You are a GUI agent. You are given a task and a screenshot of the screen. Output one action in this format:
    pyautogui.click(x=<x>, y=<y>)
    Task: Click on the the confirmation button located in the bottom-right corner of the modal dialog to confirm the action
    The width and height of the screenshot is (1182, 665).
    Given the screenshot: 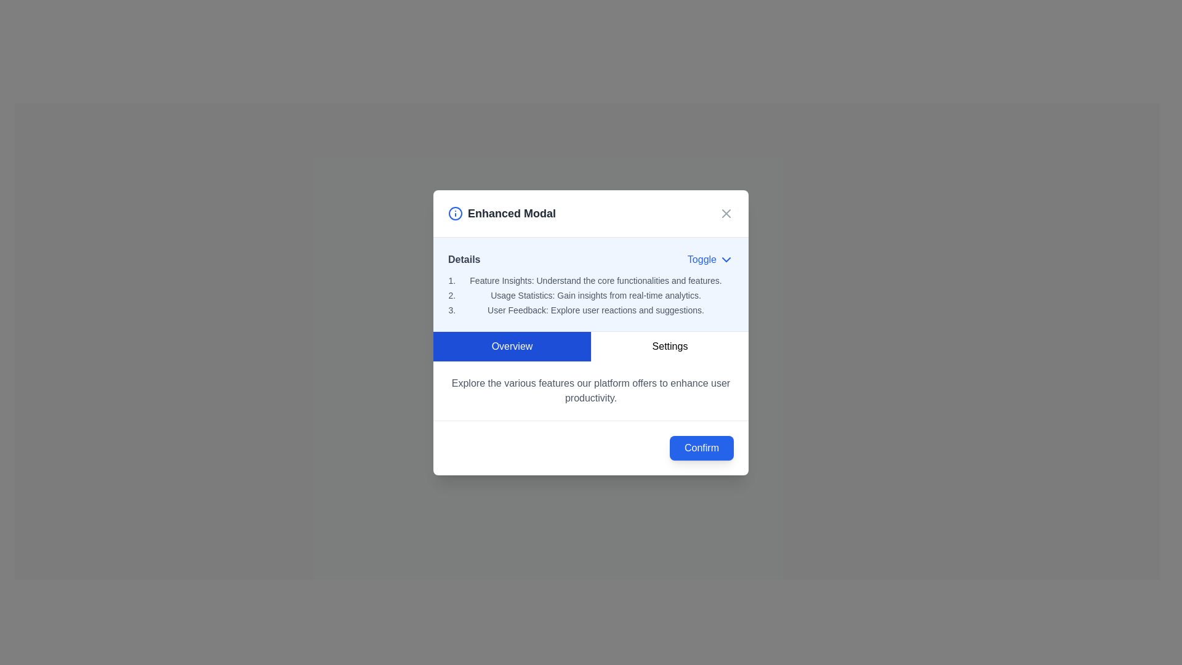 What is the action you would take?
    pyautogui.click(x=701, y=447)
    